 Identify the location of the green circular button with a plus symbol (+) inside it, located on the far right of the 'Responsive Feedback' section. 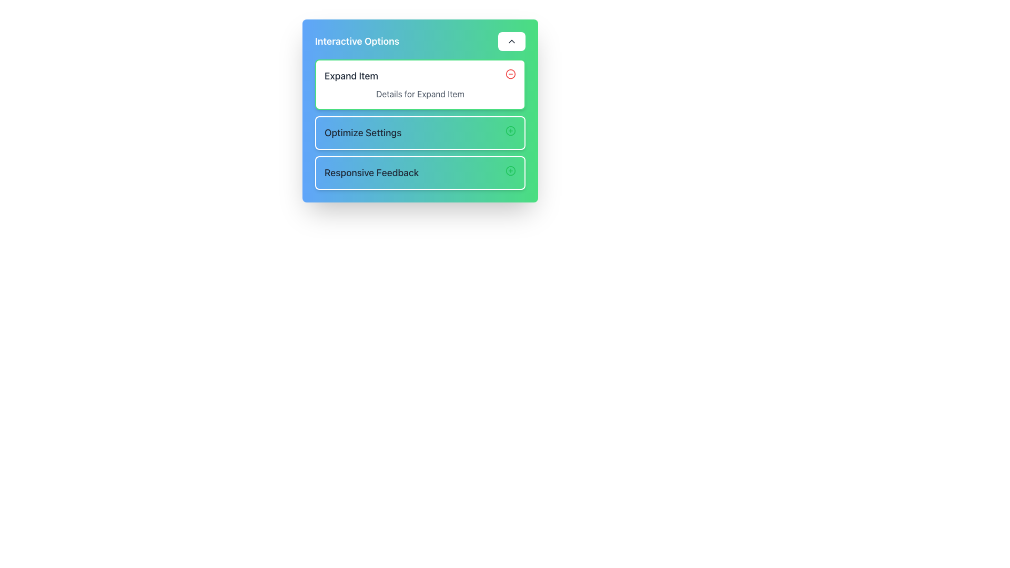
(510, 170).